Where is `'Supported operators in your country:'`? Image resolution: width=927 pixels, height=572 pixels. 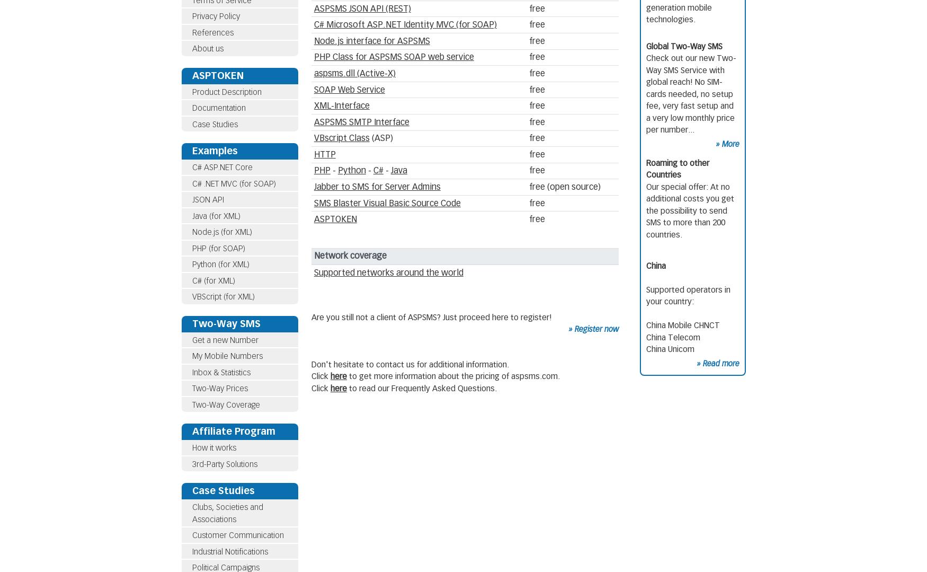
'Supported operators in your country:' is located at coordinates (688, 295).